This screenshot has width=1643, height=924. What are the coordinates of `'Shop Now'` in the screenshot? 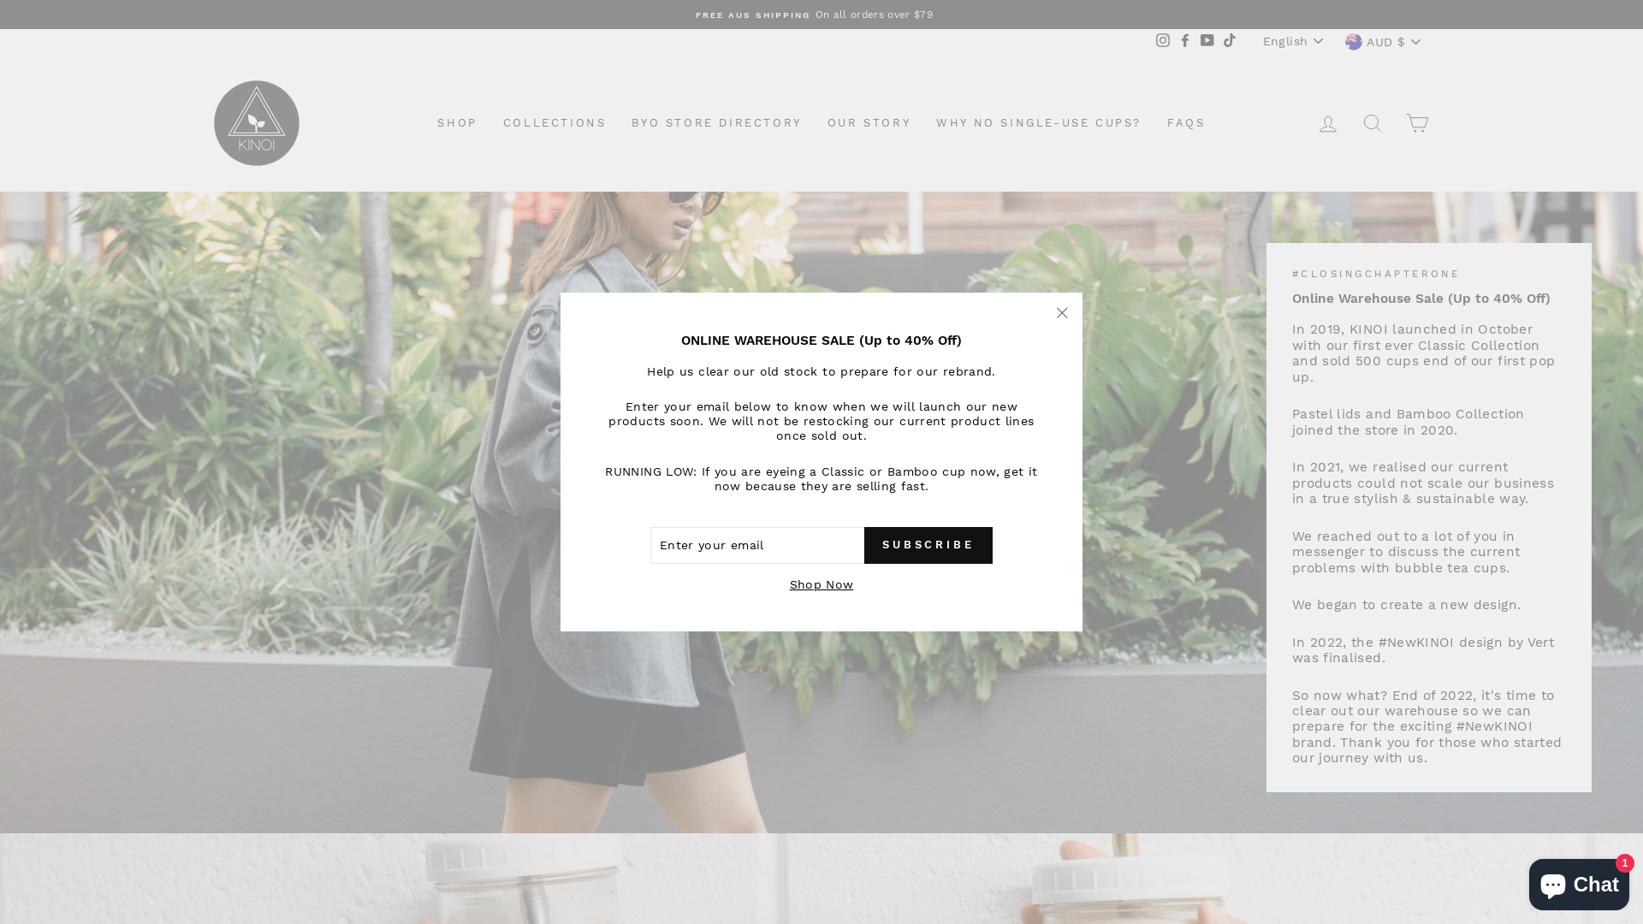 It's located at (821, 583).